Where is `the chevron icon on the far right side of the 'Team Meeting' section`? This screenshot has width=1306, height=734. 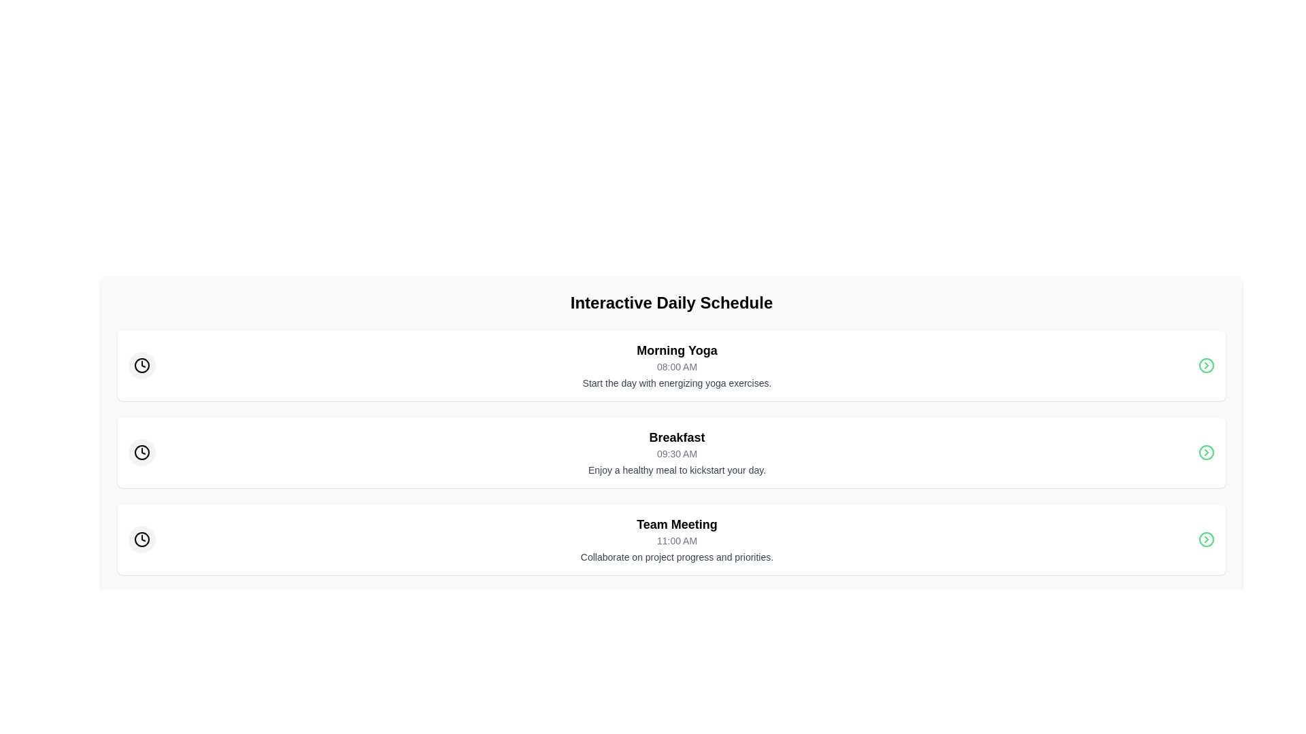 the chevron icon on the far right side of the 'Team Meeting' section is located at coordinates (1207, 539).